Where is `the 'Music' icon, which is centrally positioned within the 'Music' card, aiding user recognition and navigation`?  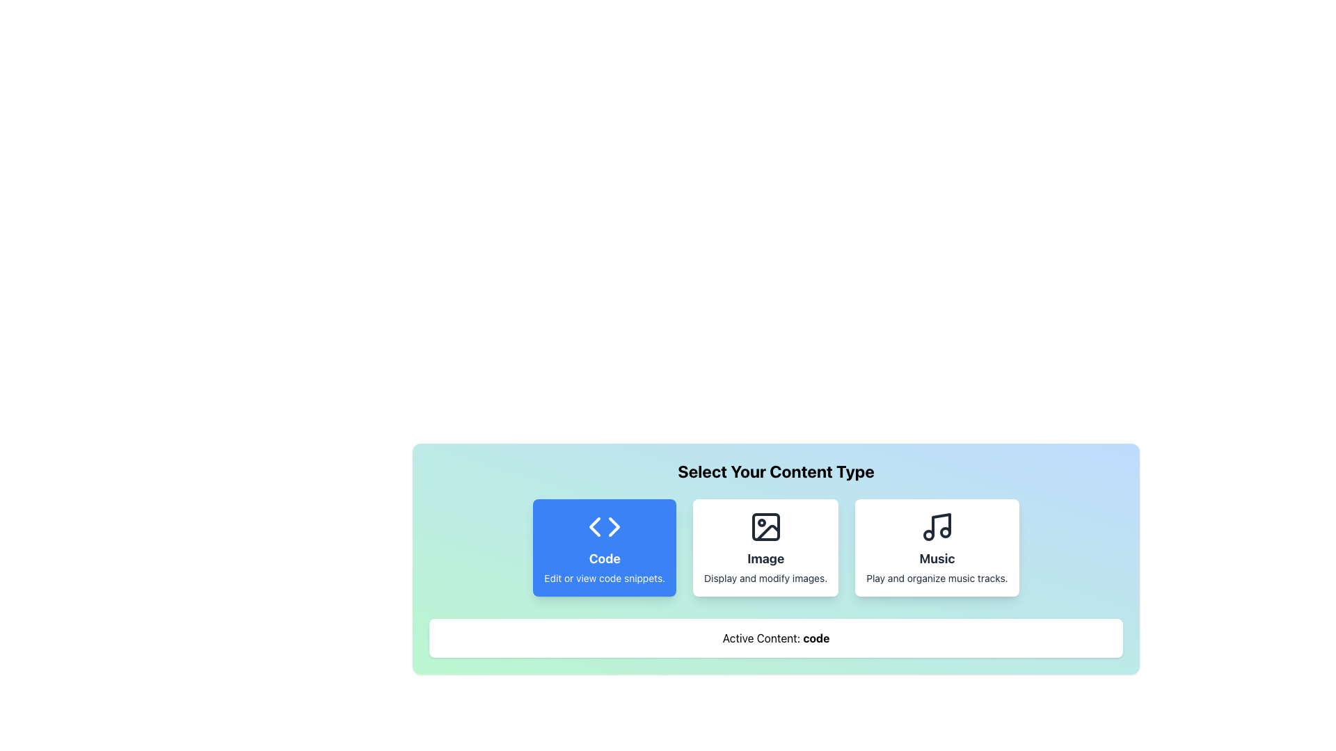
the 'Music' icon, which is centrally positioned within the 'Music' card, aiding user recognition and navigation is located at coordinates (937, 527).